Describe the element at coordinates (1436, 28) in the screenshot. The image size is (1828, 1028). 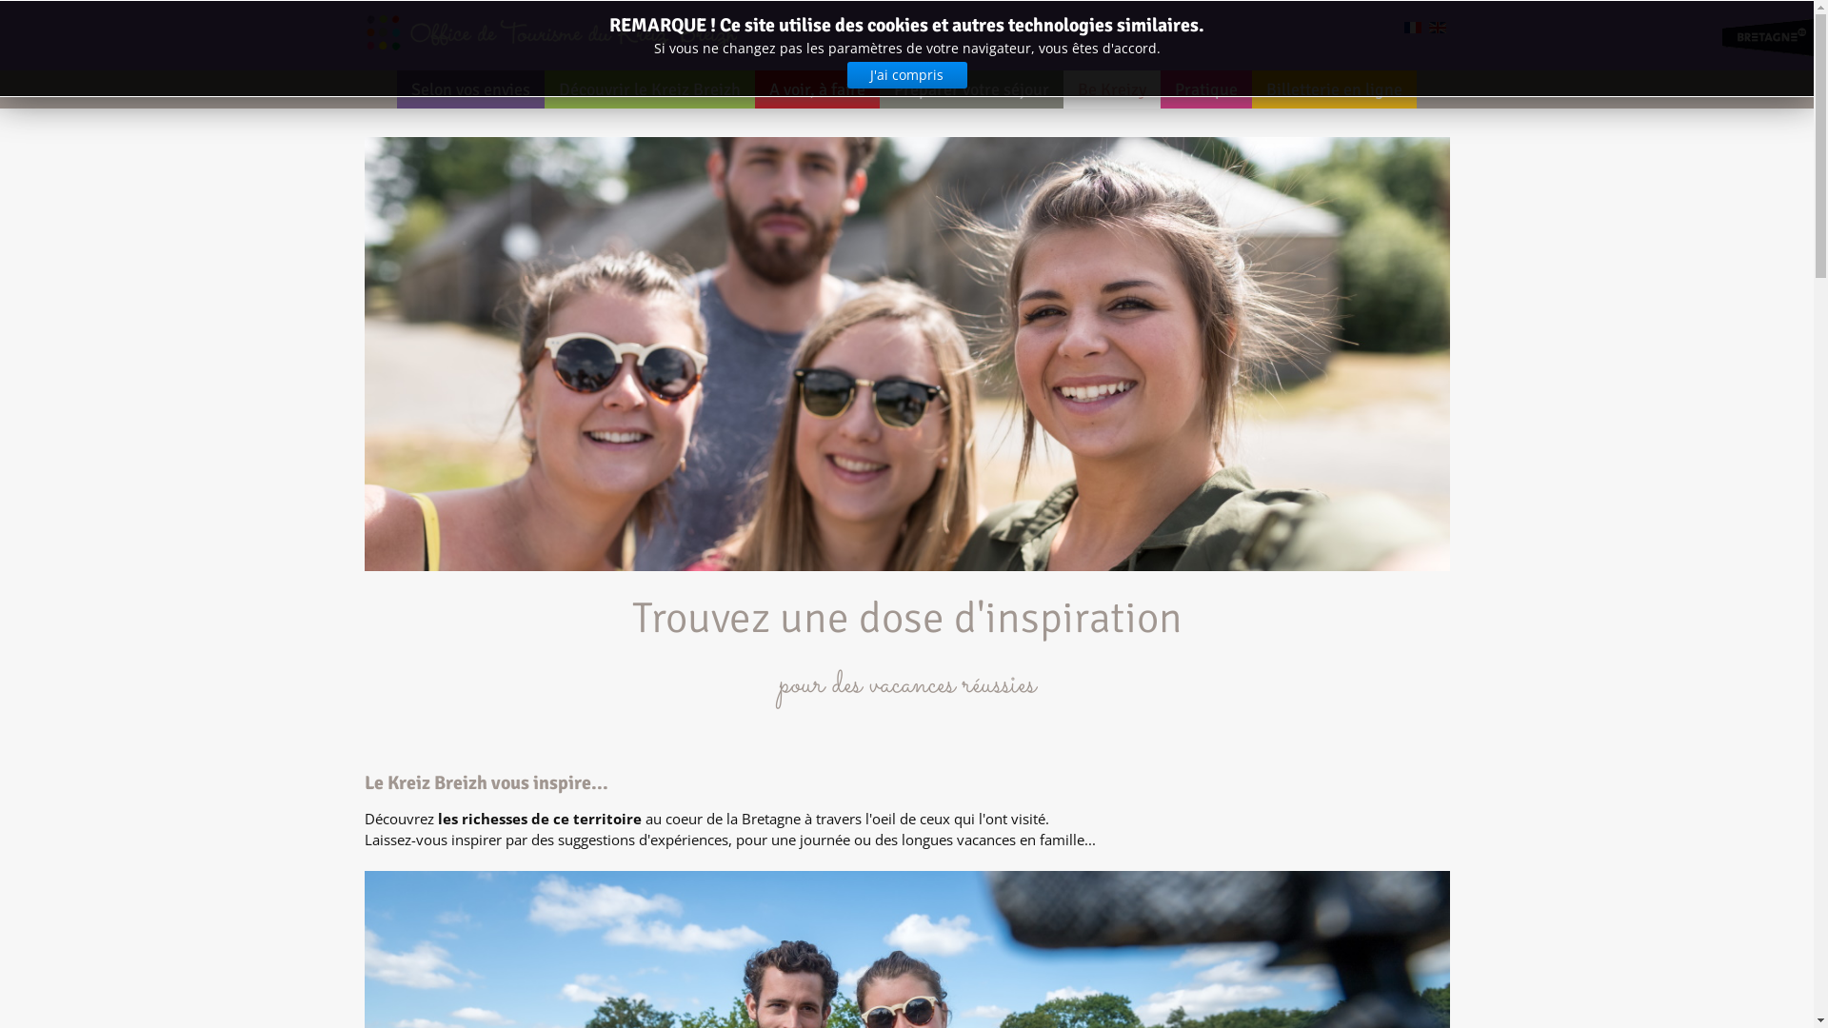
I see `'English (UK)'` at that location.